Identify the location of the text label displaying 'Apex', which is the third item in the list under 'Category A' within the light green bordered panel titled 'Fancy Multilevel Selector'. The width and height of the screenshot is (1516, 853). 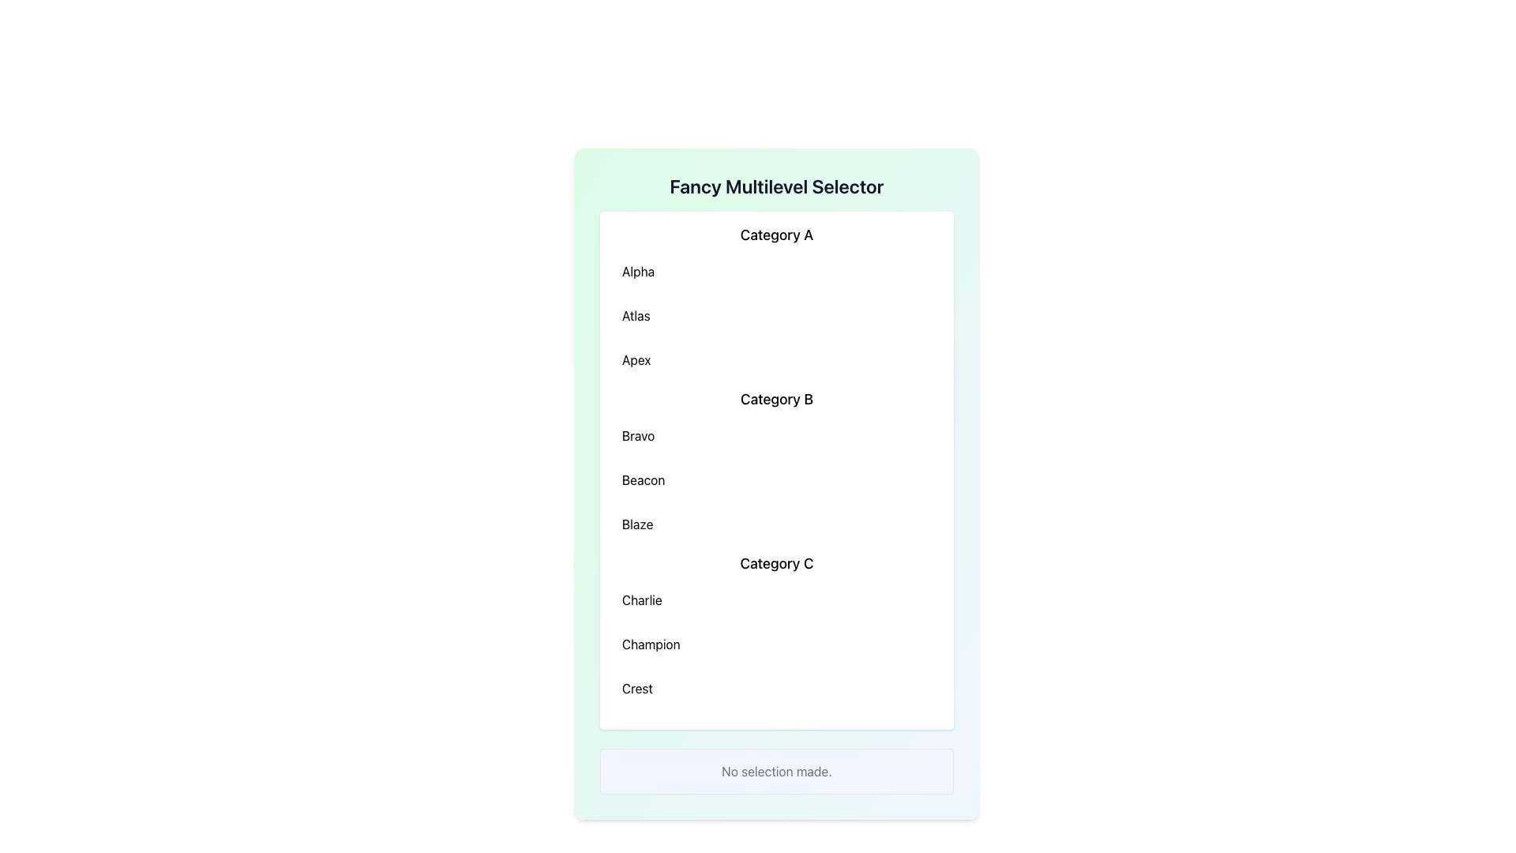
(636, 359).